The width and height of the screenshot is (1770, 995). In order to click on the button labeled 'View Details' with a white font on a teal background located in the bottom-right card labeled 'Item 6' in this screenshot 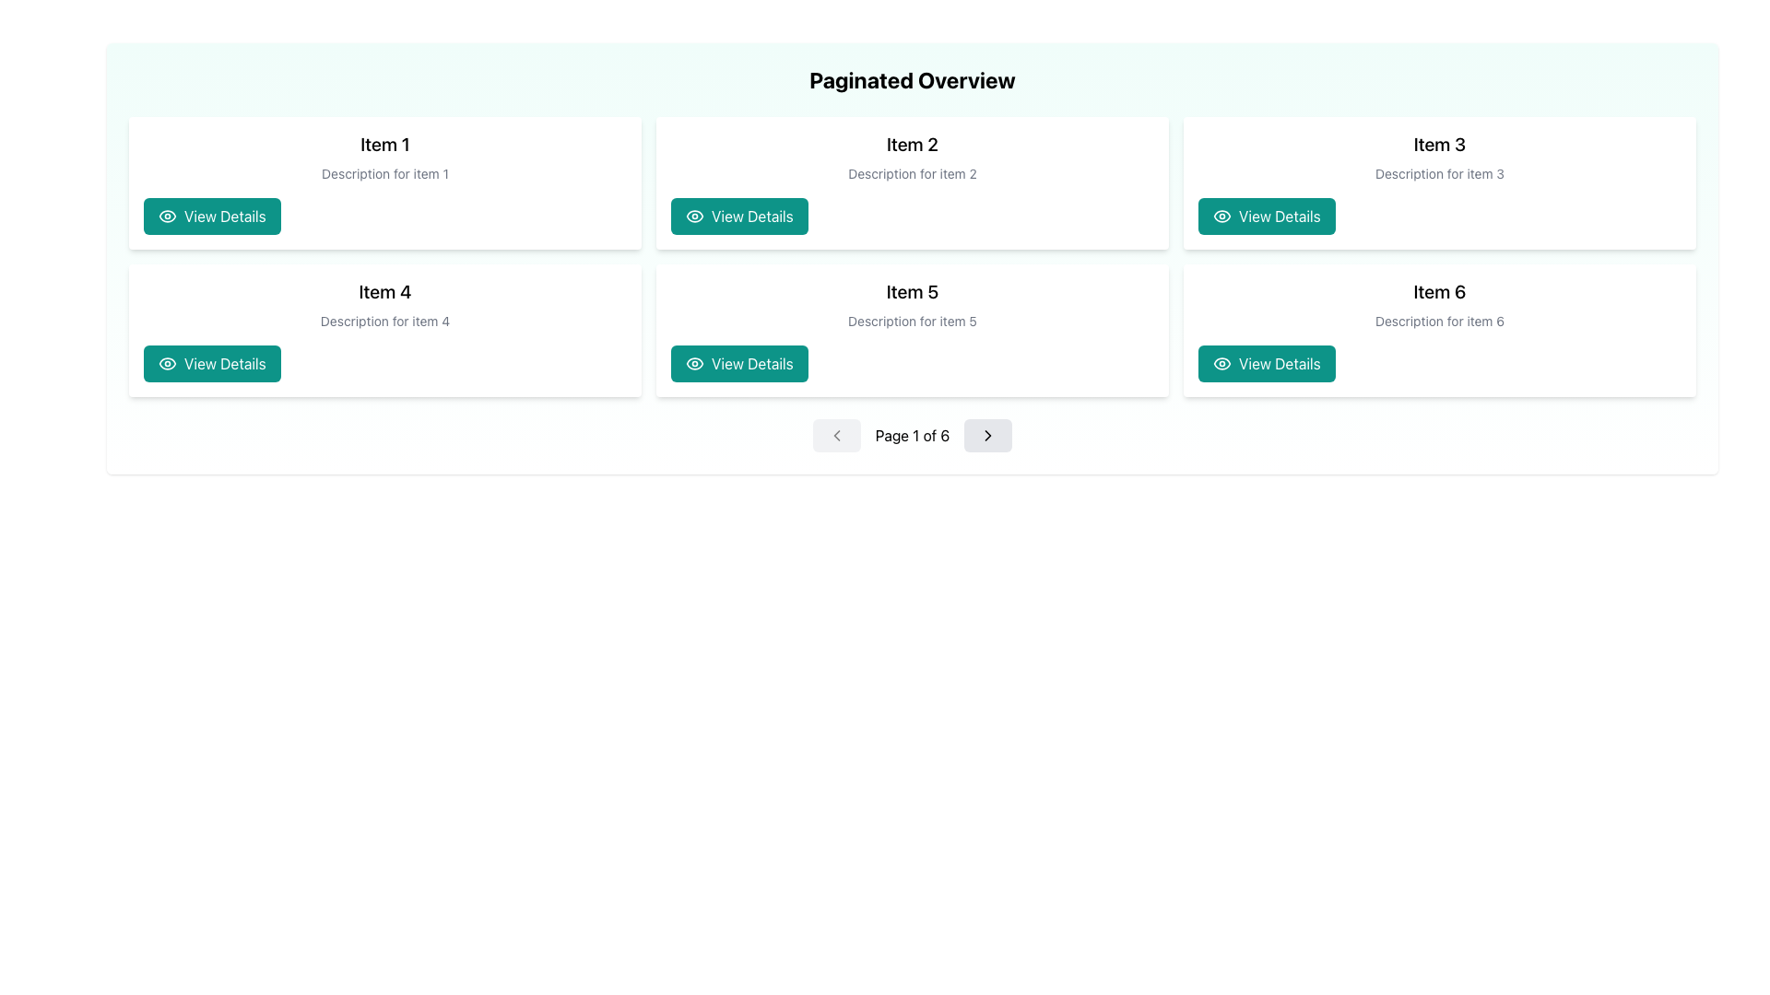, I will do `click(1278, 363)`.